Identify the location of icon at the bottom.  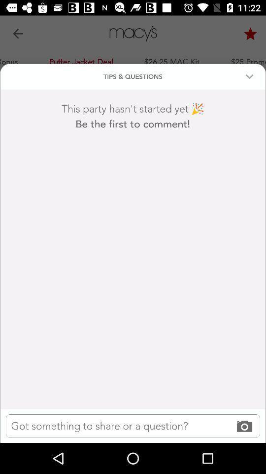
(133, 425).